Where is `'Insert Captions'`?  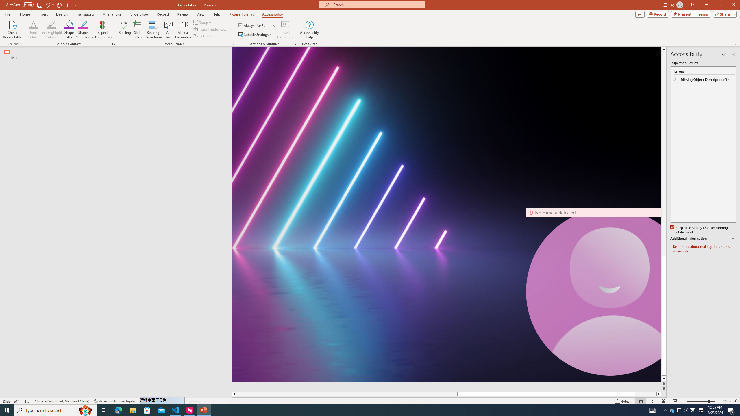
'Insert Captions' is located at coordinates (285, 30).